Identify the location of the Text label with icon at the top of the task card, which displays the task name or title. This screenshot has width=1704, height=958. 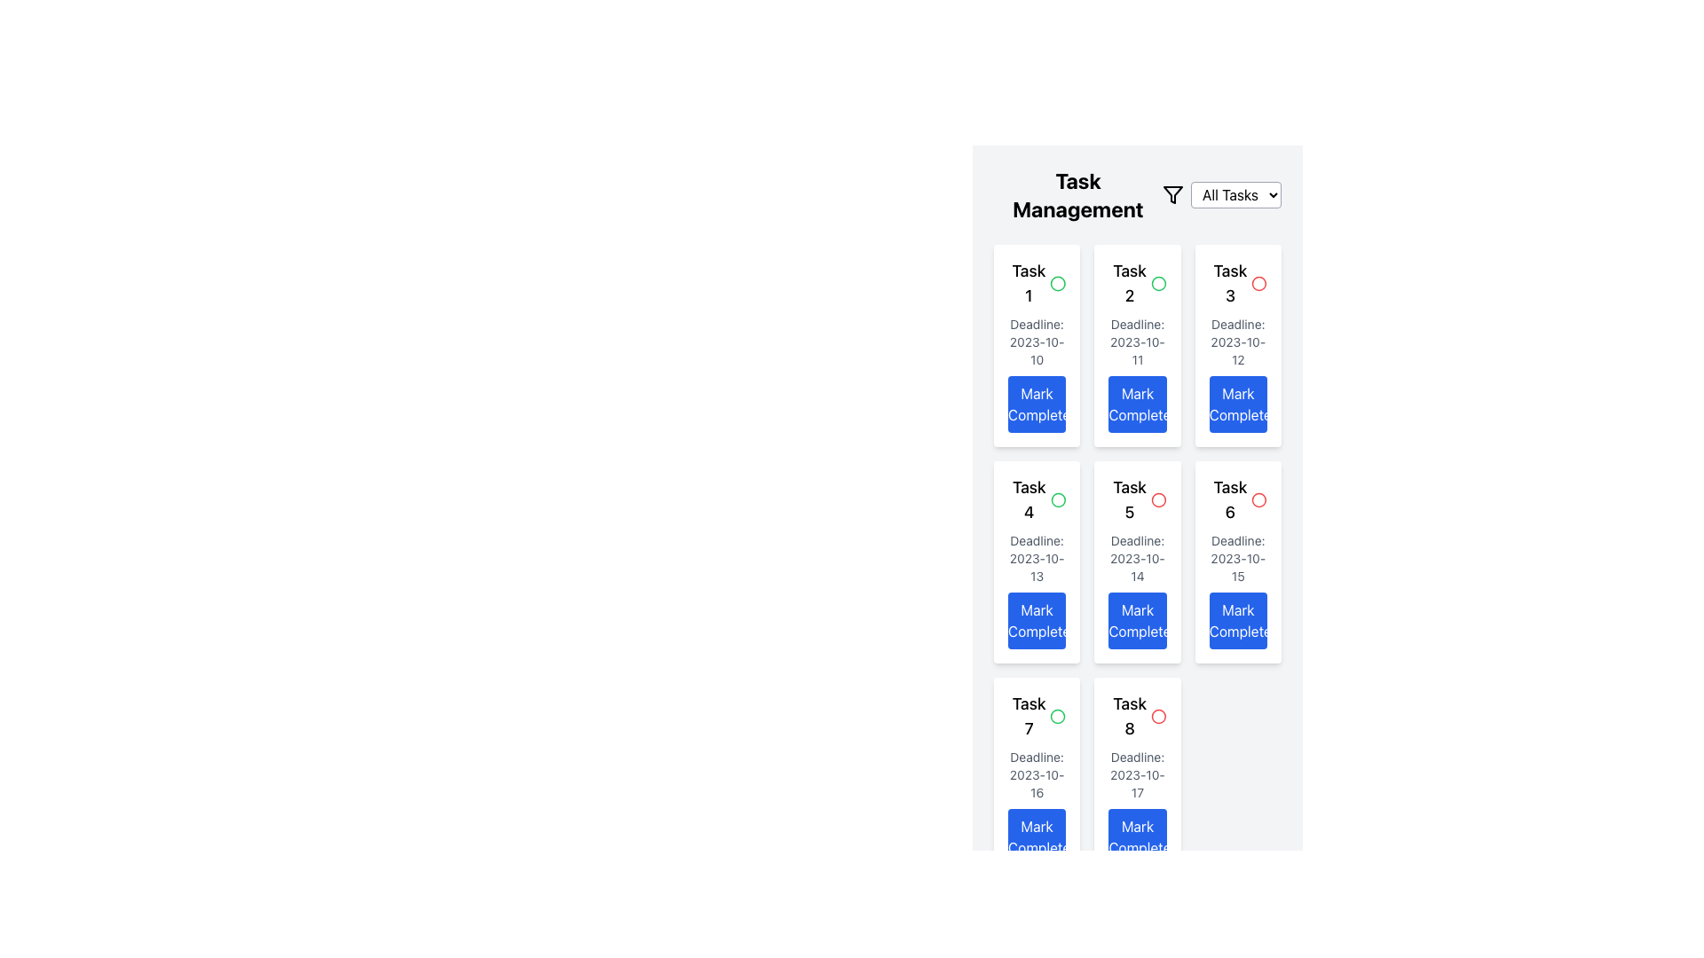
(1037, 283).